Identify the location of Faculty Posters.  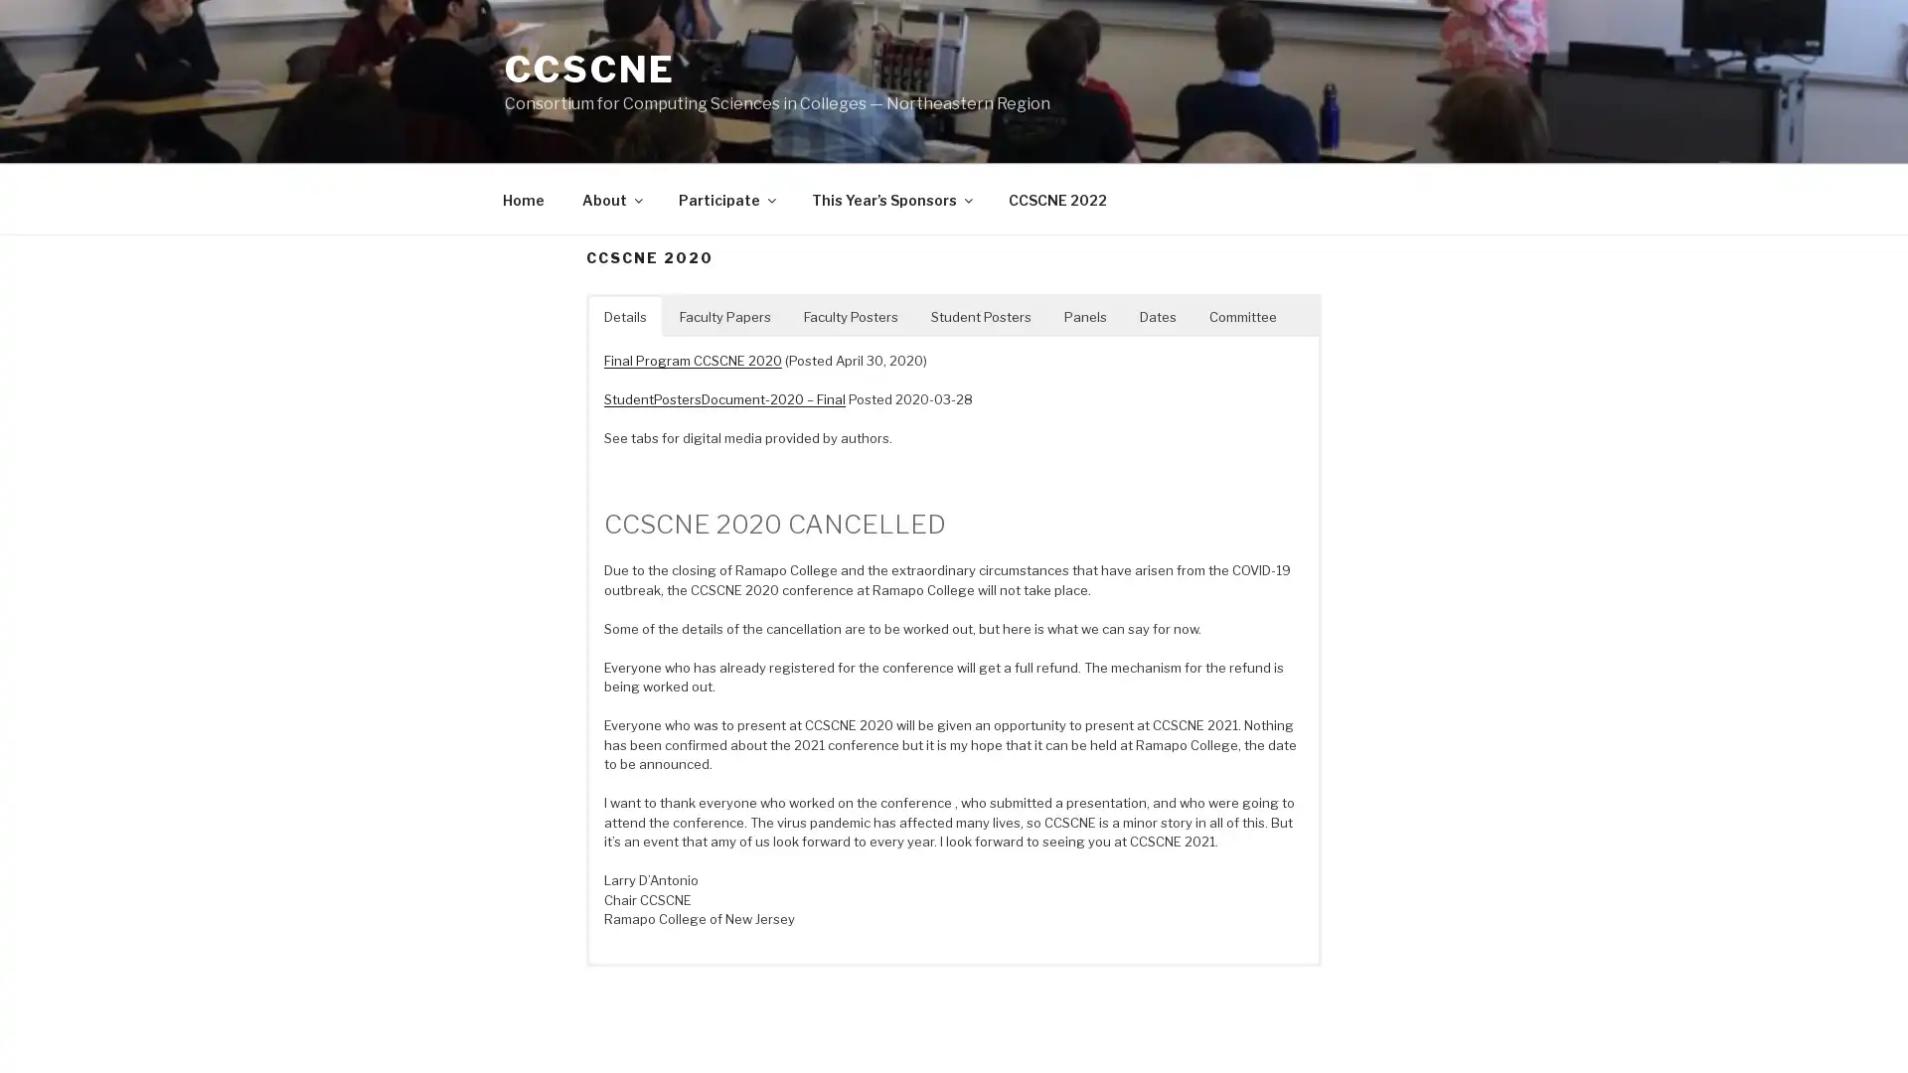
(851, 314).